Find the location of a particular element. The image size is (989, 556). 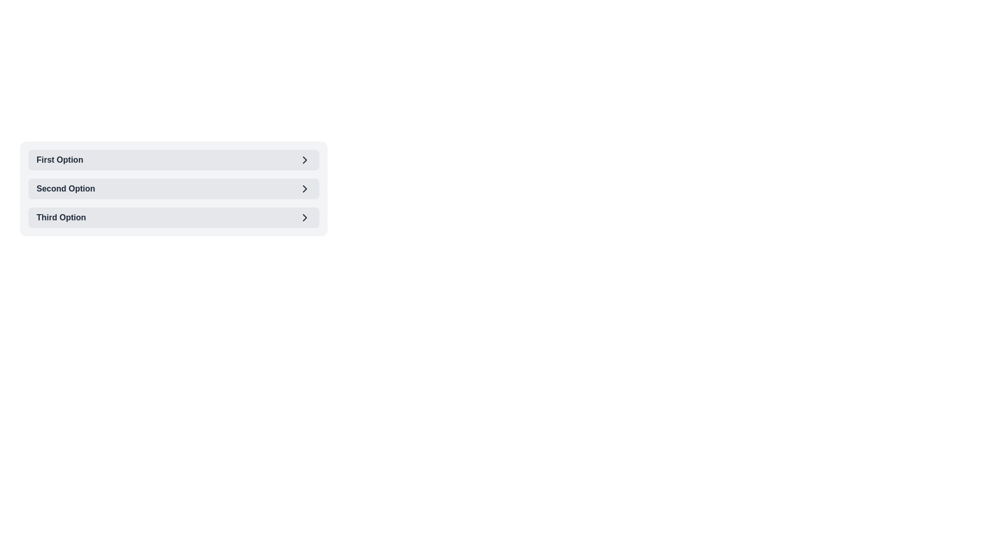

the Chevron Right icon located at the far right side of the 'Second Option' interactive block is located at coordinates (304, 188).